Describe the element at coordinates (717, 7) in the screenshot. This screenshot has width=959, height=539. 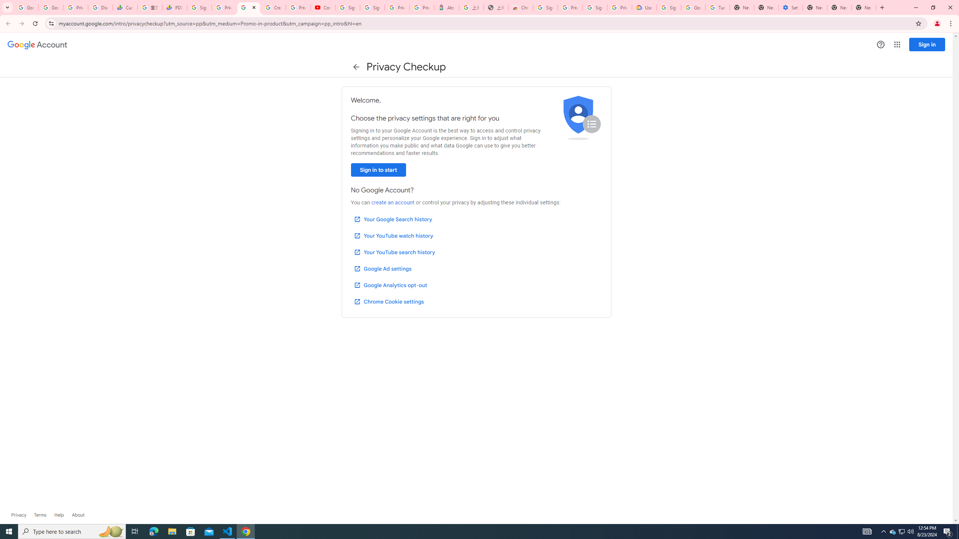
I see `'Turn cookies on or off - Computer - Google Account Help'` at that location.